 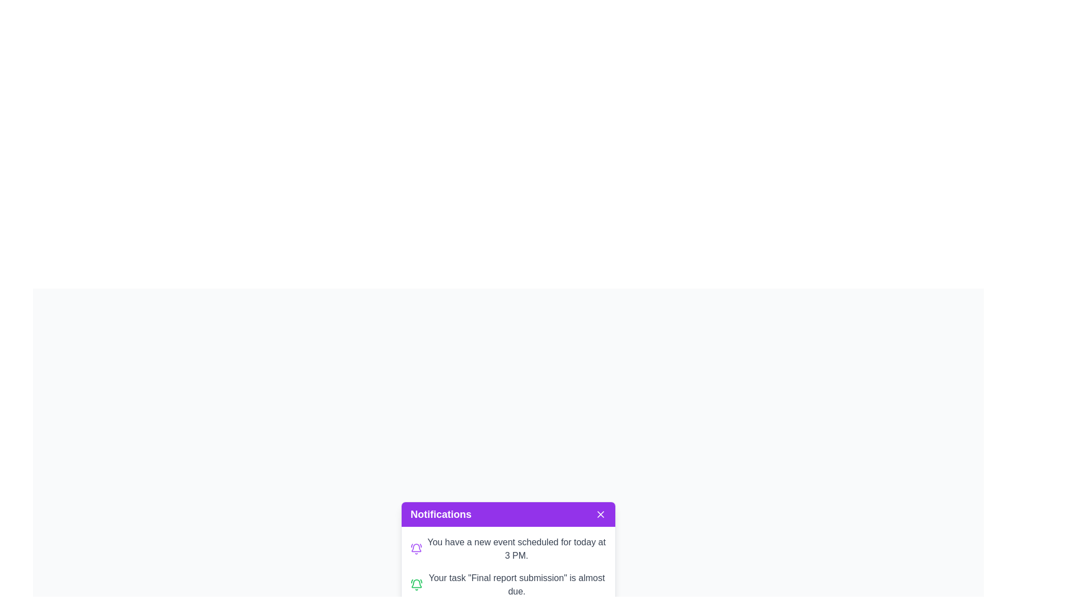 What do you see at coordinates (516, 584) in the screenshot?
I see `the text block displaying the message 'Your task "Final report submission" is almost due.' which is the second notification in the popup` at bounding box center [516, 584].